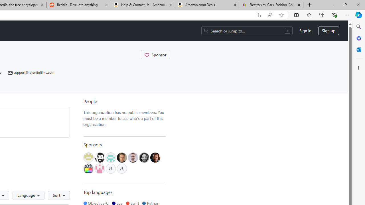 The height and width of the screenshot is (205, 365). Describe the element at coordinates (78, 5) in the screenshot. I see `'Reddit - Dive into anything'` at that location.